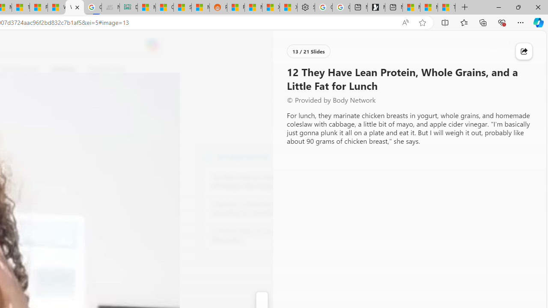 This screenshot has width=548, height=308. What do you see at coordinates (524, 51) in the screenshot?
I see `'Class: at-item immersive'` at bounding box center [524, 51].